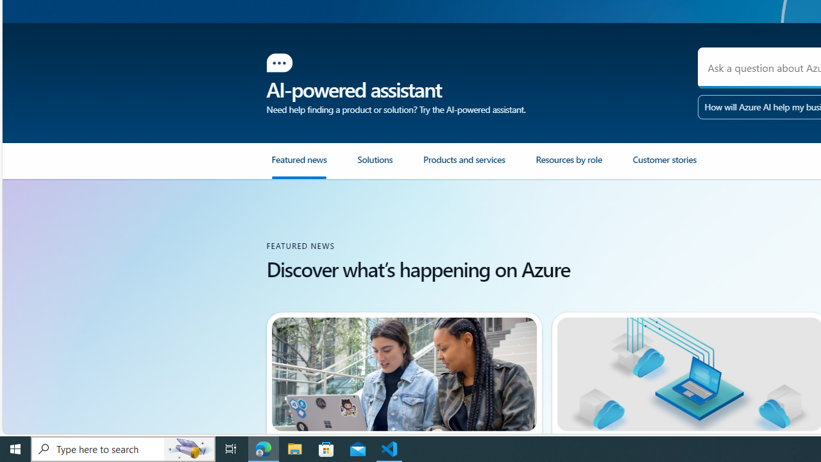 Image resolution: width=821 pixels, height=462 pixels. What do you see at coordinates (389, 166) in the screenshot?
I see `'Solutions'` at bounding box center [389, 166].